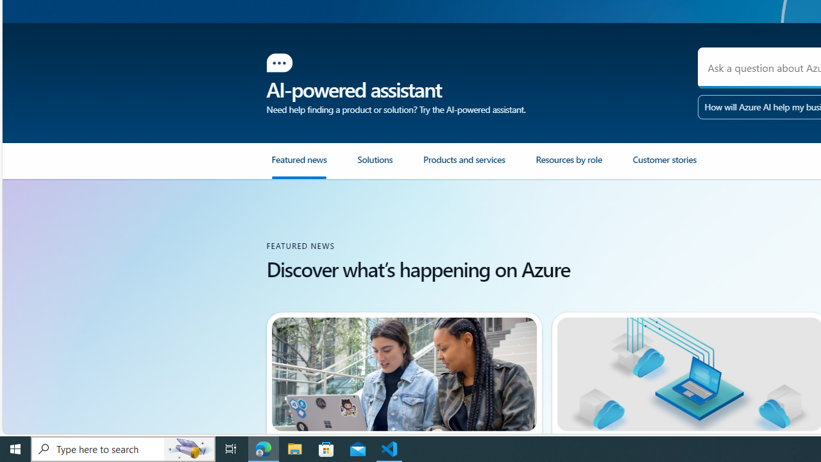 Image resolution: width=821 pixels, height=462 pixels. What do you see at coordinates (389, 166) in the screenshot?
I see `'Solutions'` at bounding box center [389, 166].